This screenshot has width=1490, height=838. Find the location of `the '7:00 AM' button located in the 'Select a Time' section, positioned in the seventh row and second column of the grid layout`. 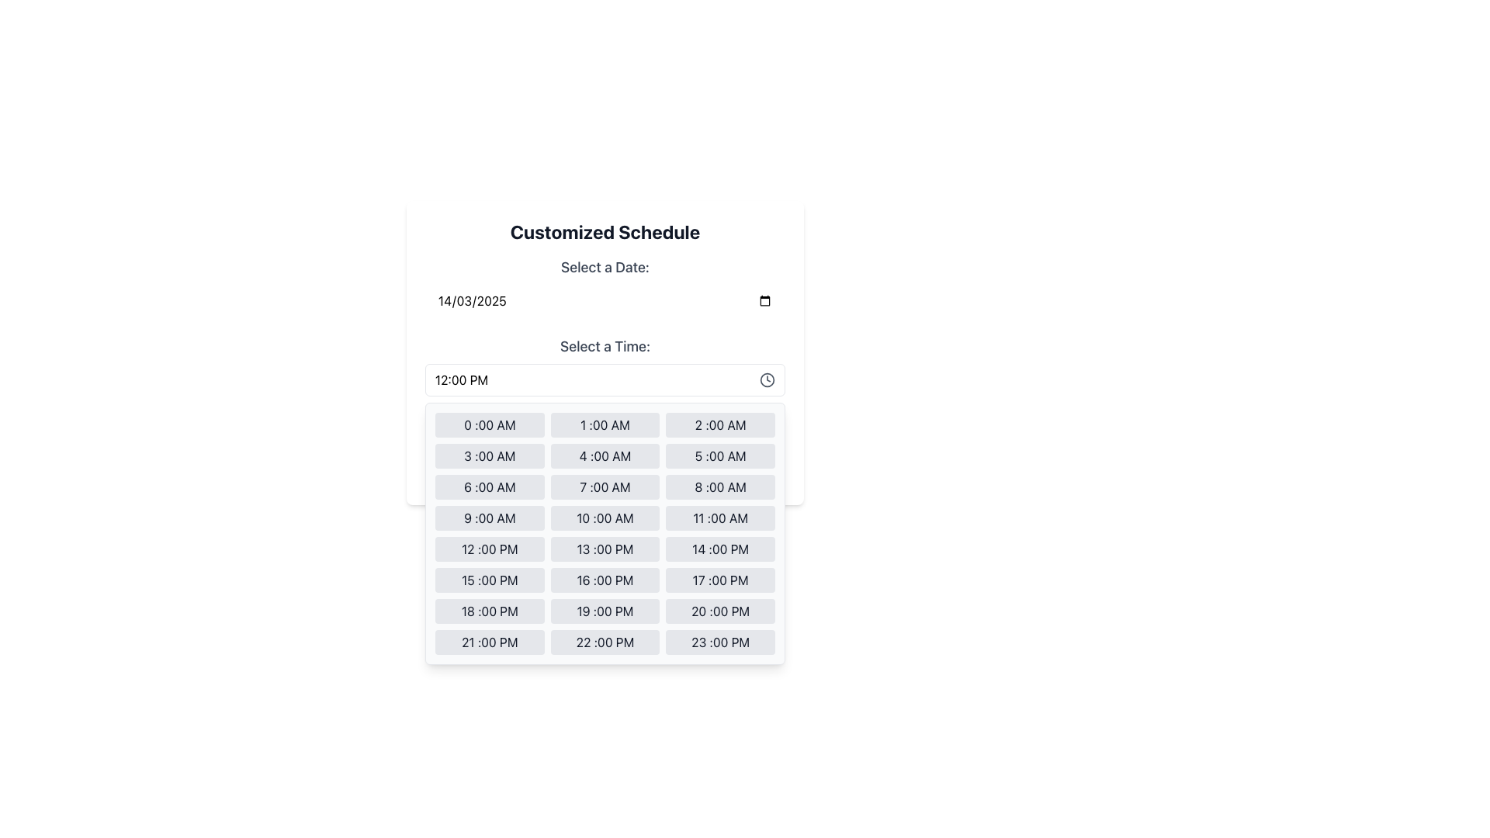

the '7:00 AM' button located in the 'Select a Time' section, positioned in the seventh row and second column of the grid layout is located at coordinates (604, 487).